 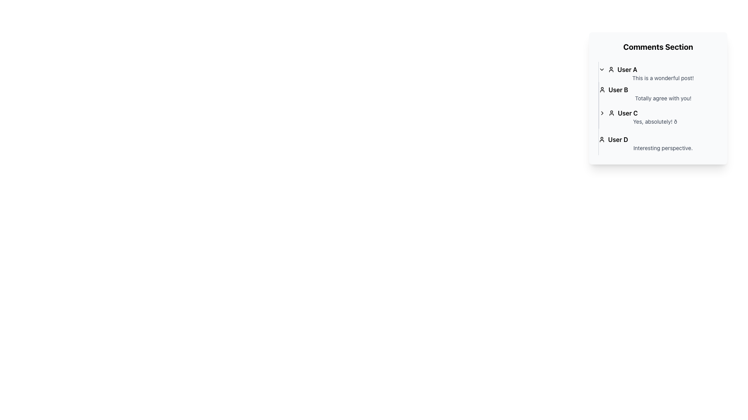 I want to click on the right-pointing chevron icon located to the left of the profile icon for 'User C', indicating a forward or expand action, so click(x=602, y=113).